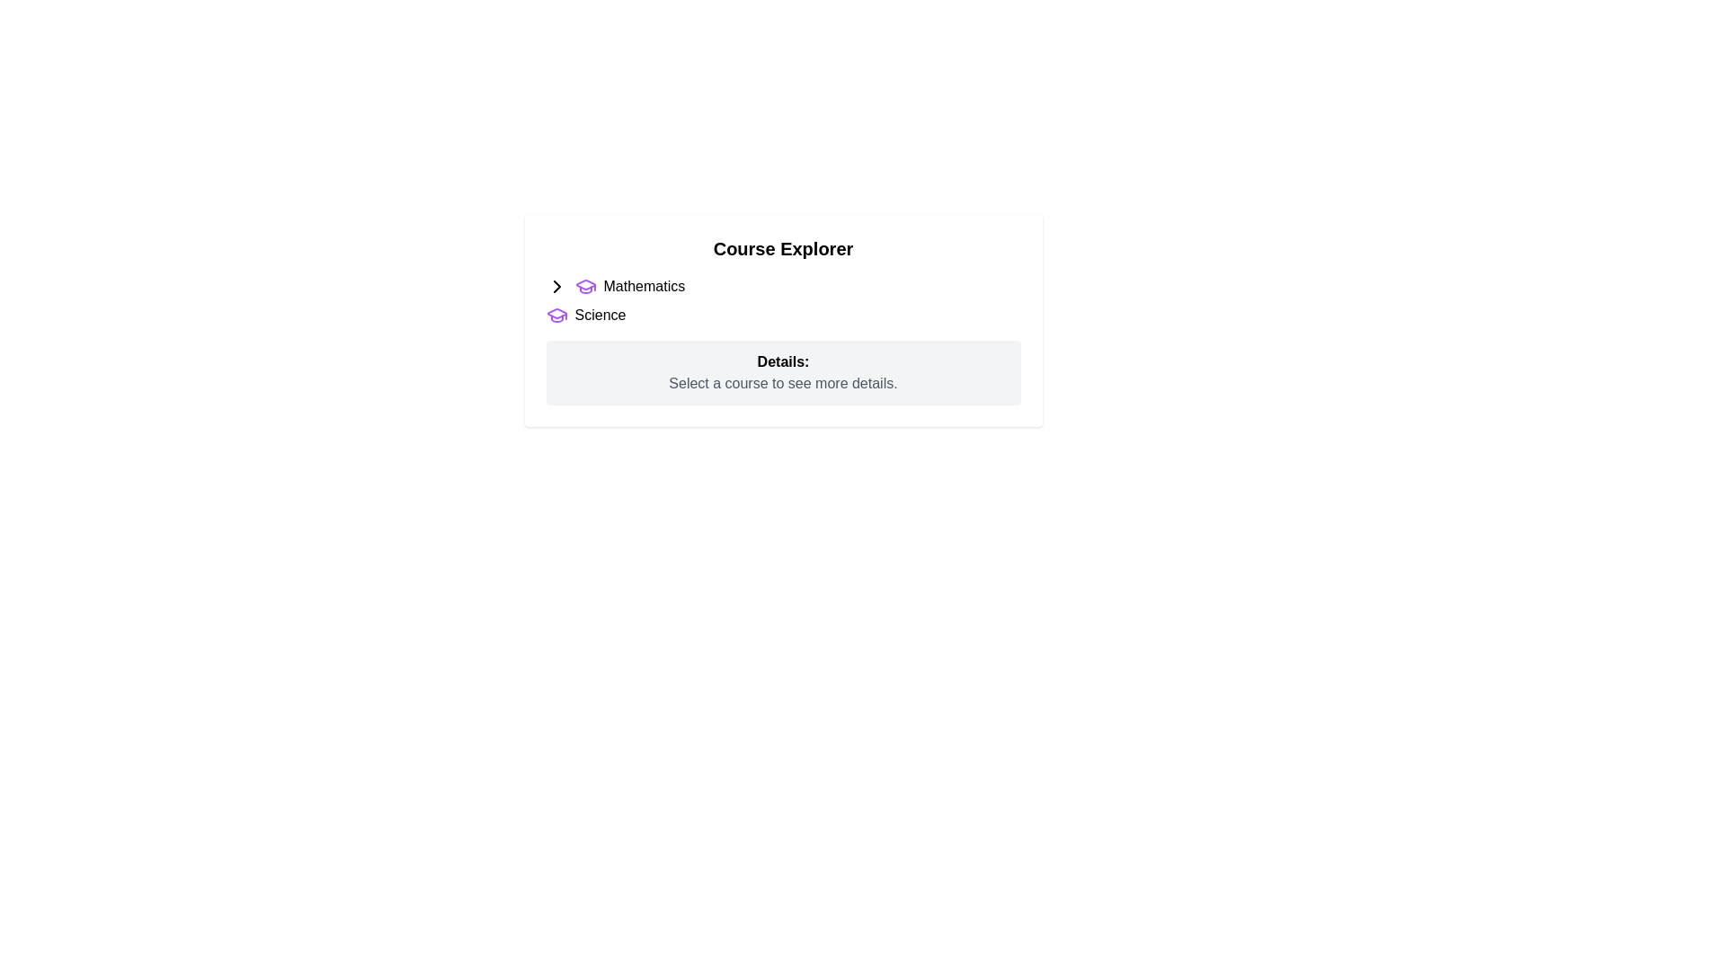 The image size is (1726, 971). Describe the element at coordinates (556, 315) in the screenshot. I see `the educational icon representing the 'Science' section, which is located to the left of the text 'Science' and is vertically aligned with it` at that location.